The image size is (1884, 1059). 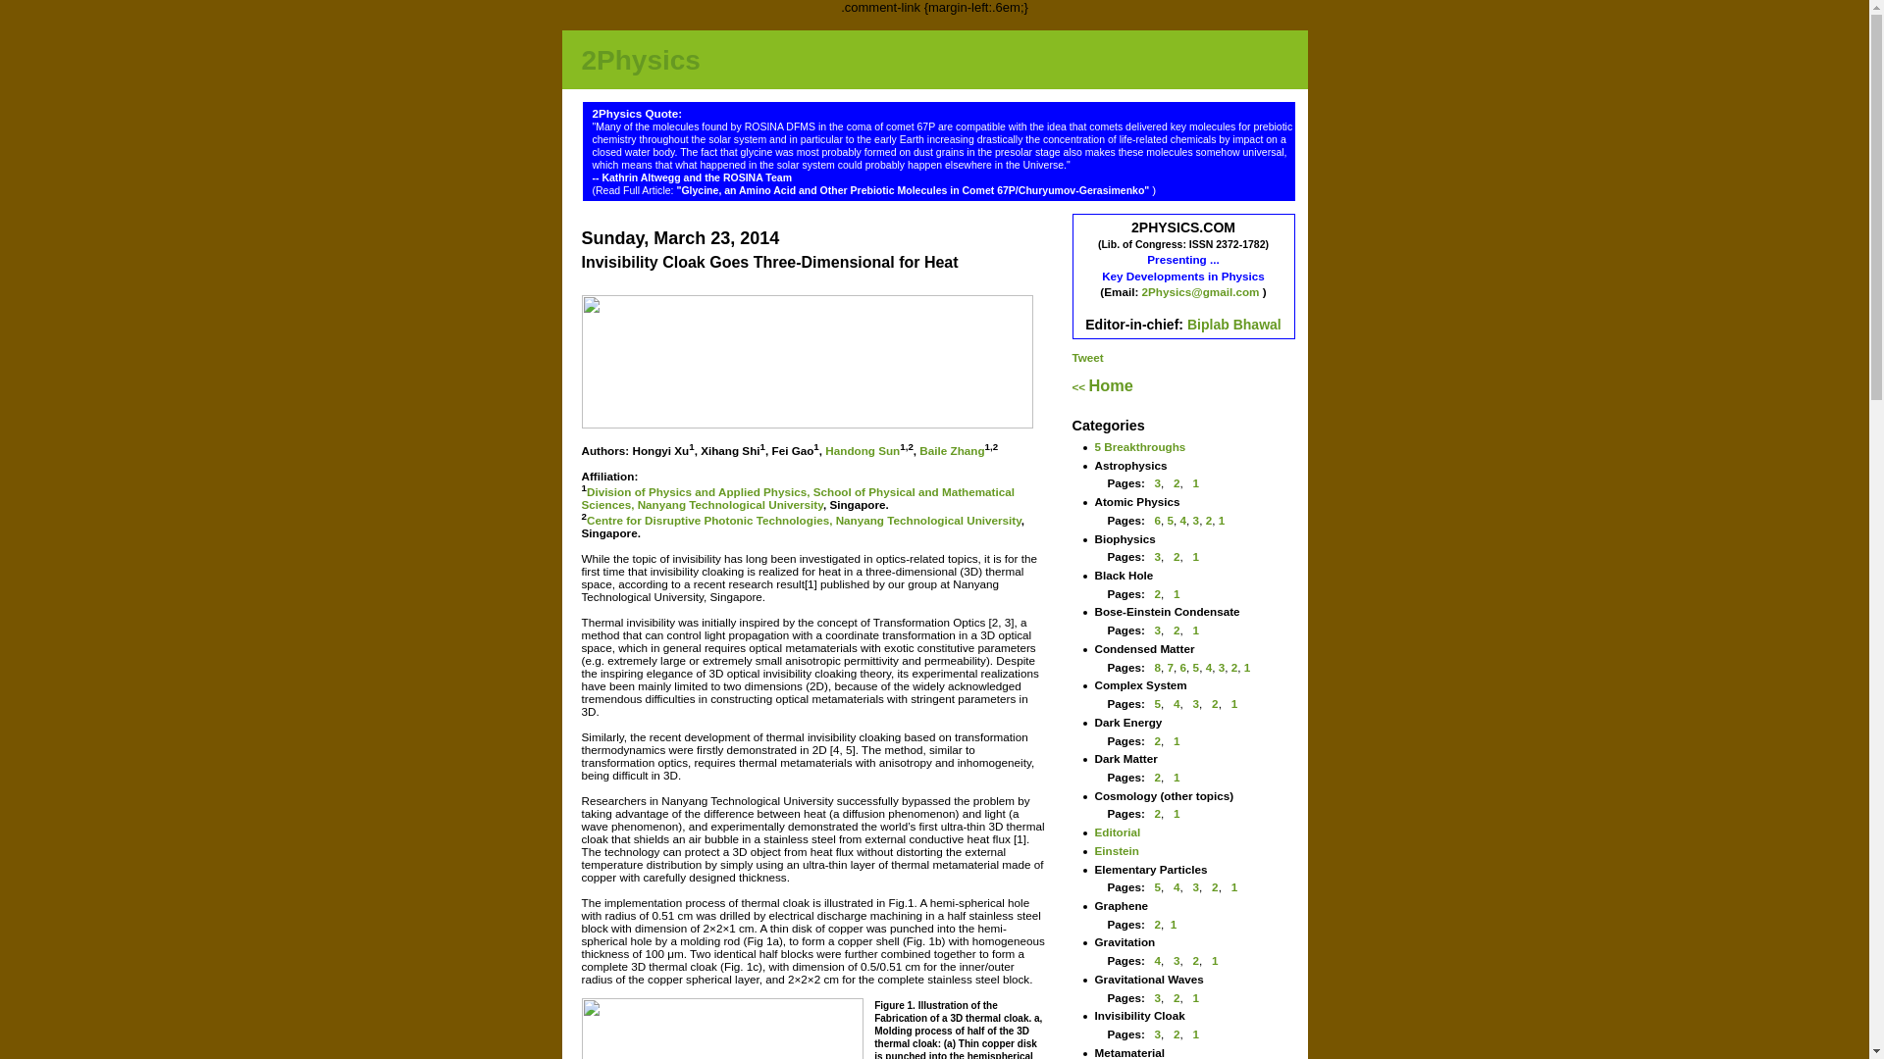 I want to click on '1', so click(x=1214, y=959).